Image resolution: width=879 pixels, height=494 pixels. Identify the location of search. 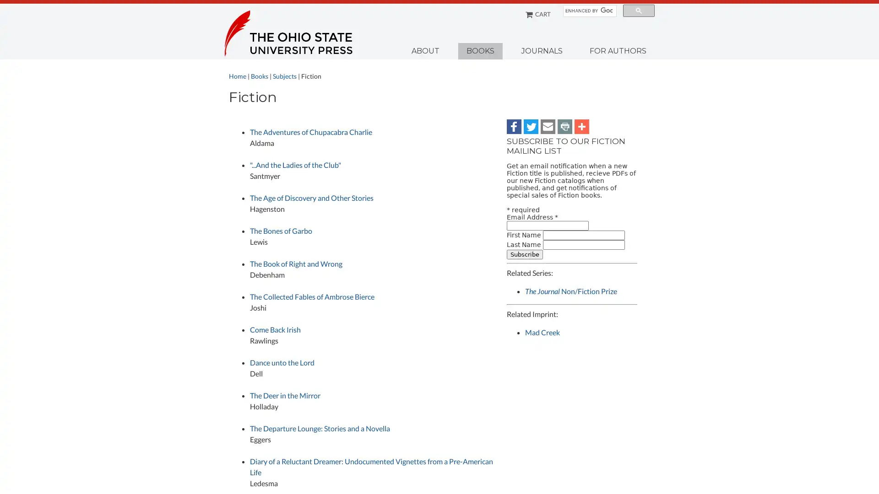
(638, 11).